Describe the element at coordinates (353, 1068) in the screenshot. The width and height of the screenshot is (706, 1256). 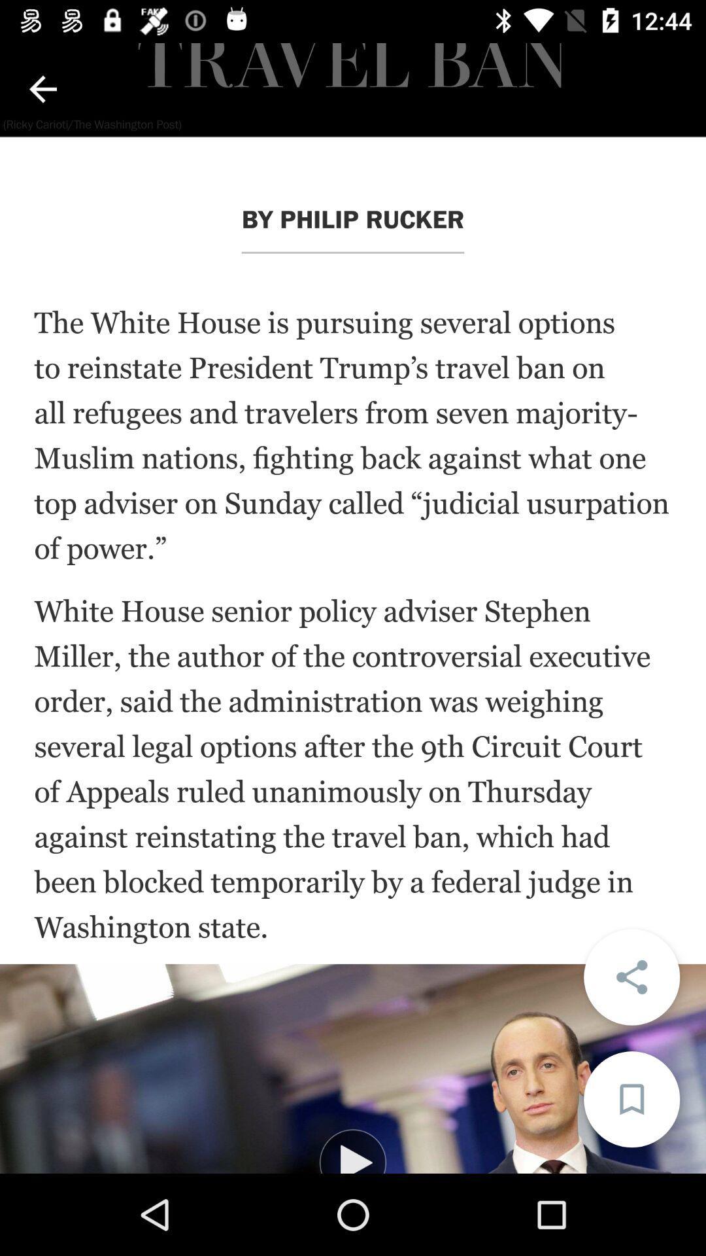
I see `advertisement` at that location.